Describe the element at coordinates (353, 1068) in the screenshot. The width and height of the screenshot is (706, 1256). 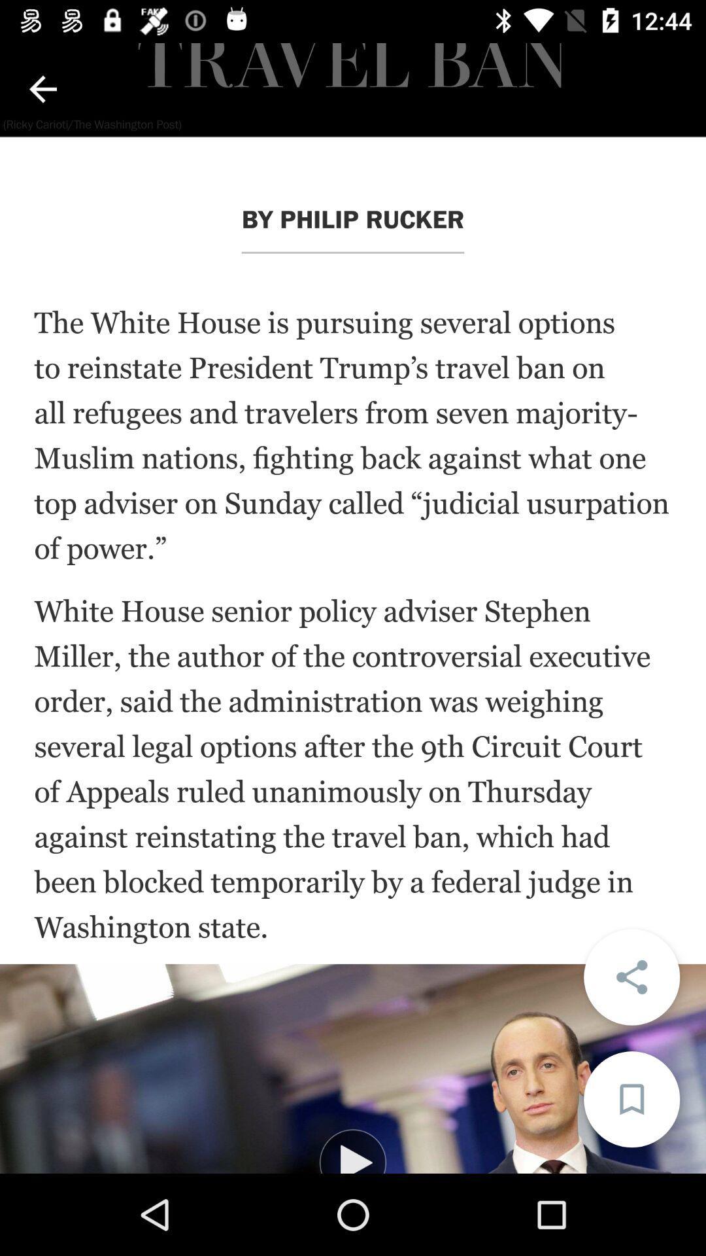
I see `advertisement` at that location.